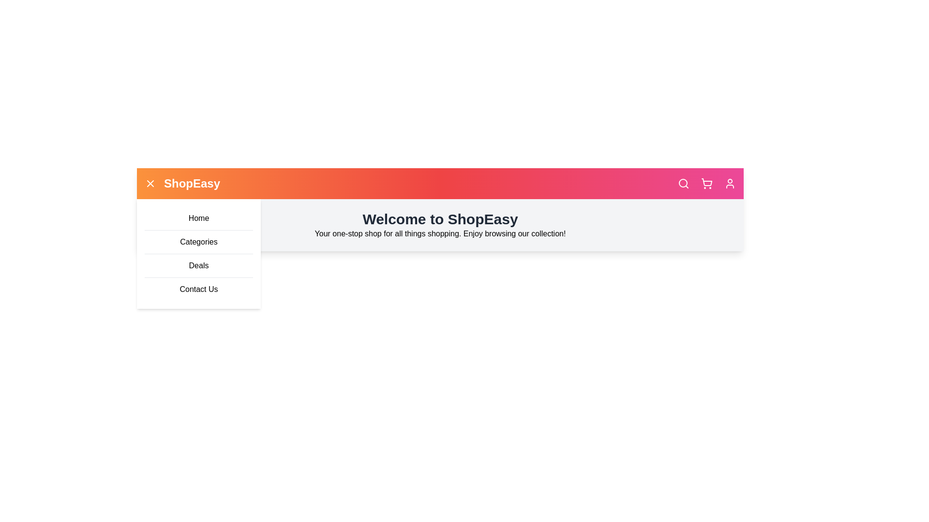 Image resolution: width=929 pixels, height=522 pixels. I want to click on the second item in the vertical navigation menu located directly below 'Home' and above 'Deals', so click(198, 253).